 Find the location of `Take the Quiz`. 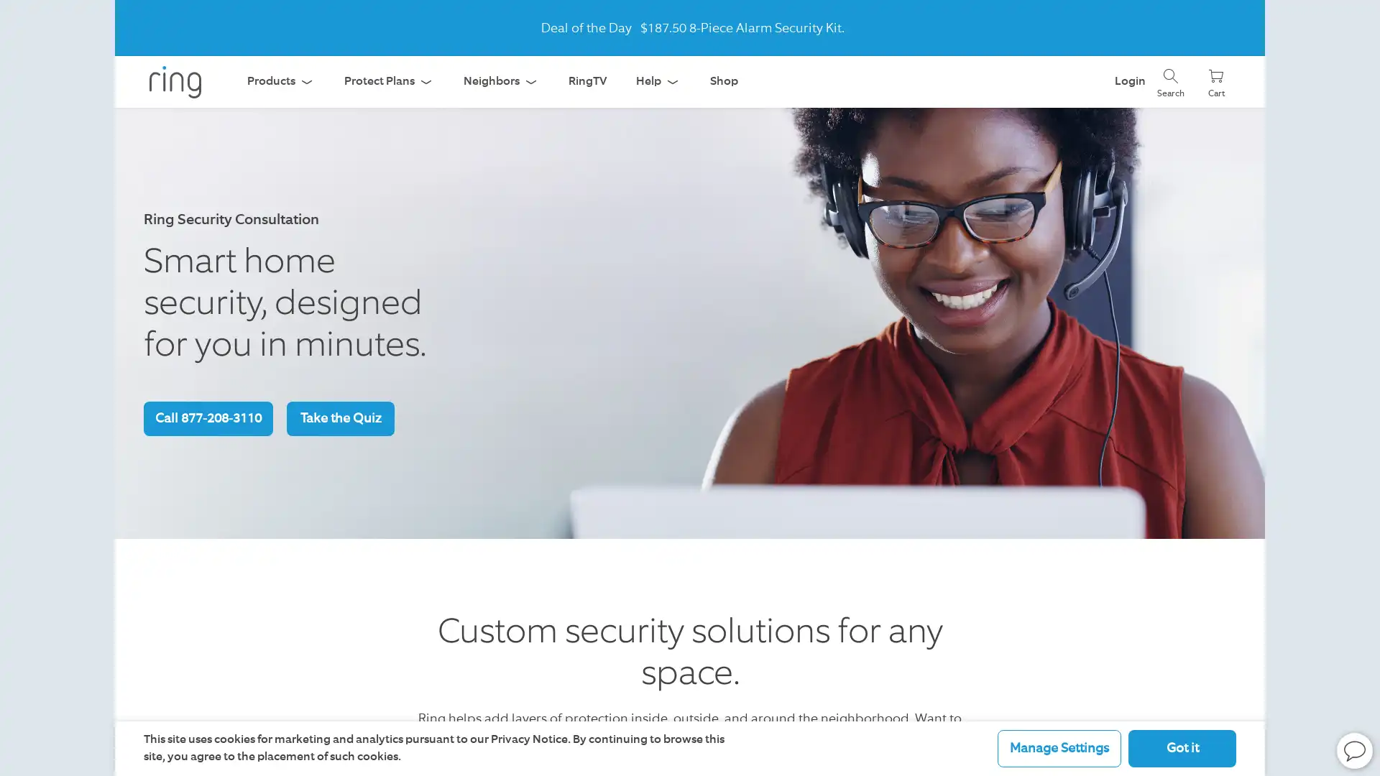

Take the Quiz is located at coordinates (340, 418).